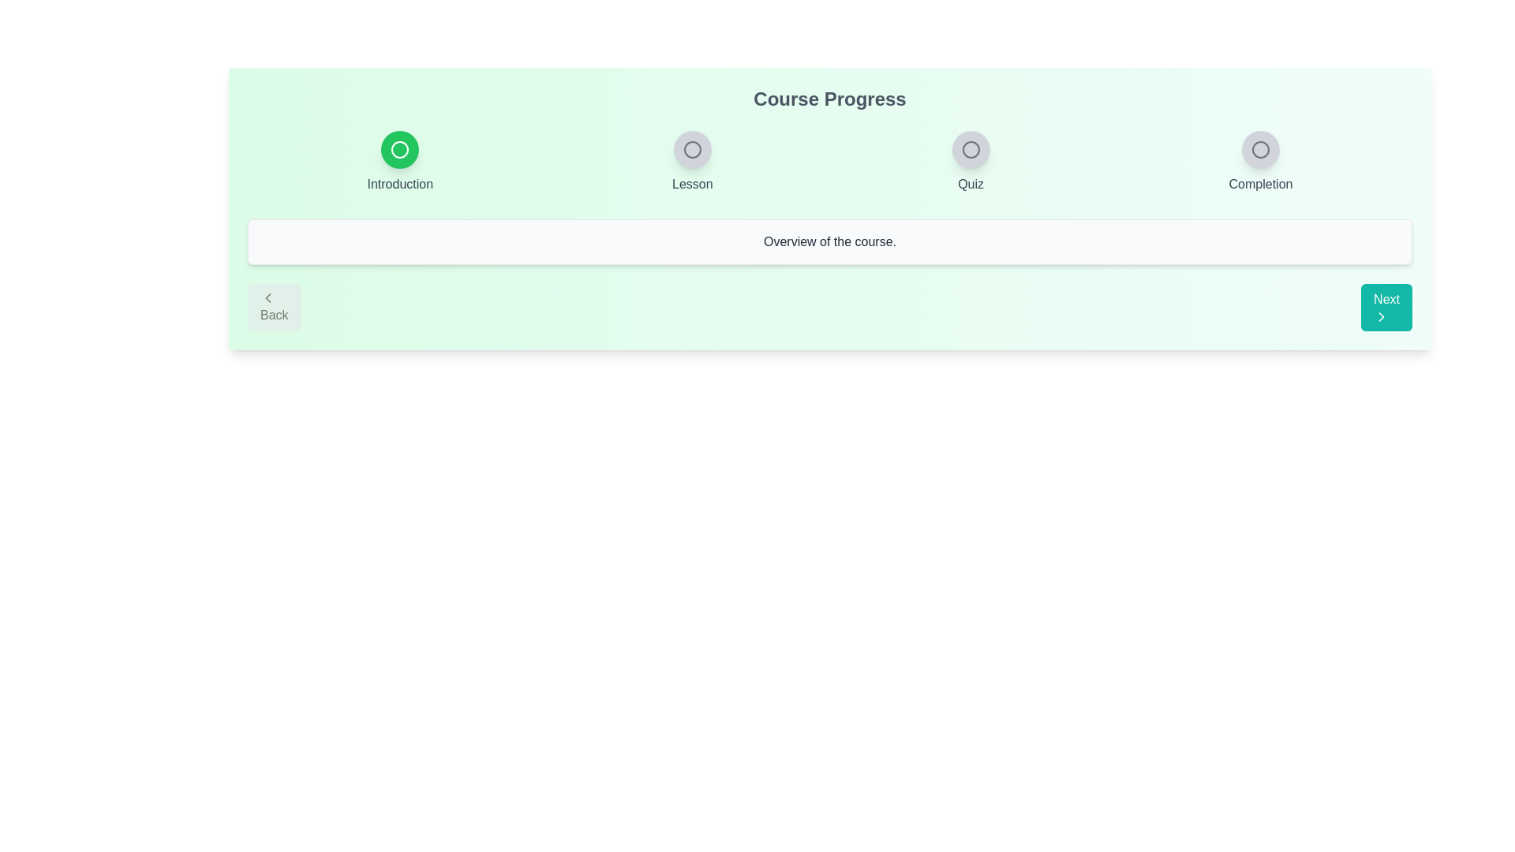  I want to click on the step Lesson in the progress indicator, so click(692, 149).